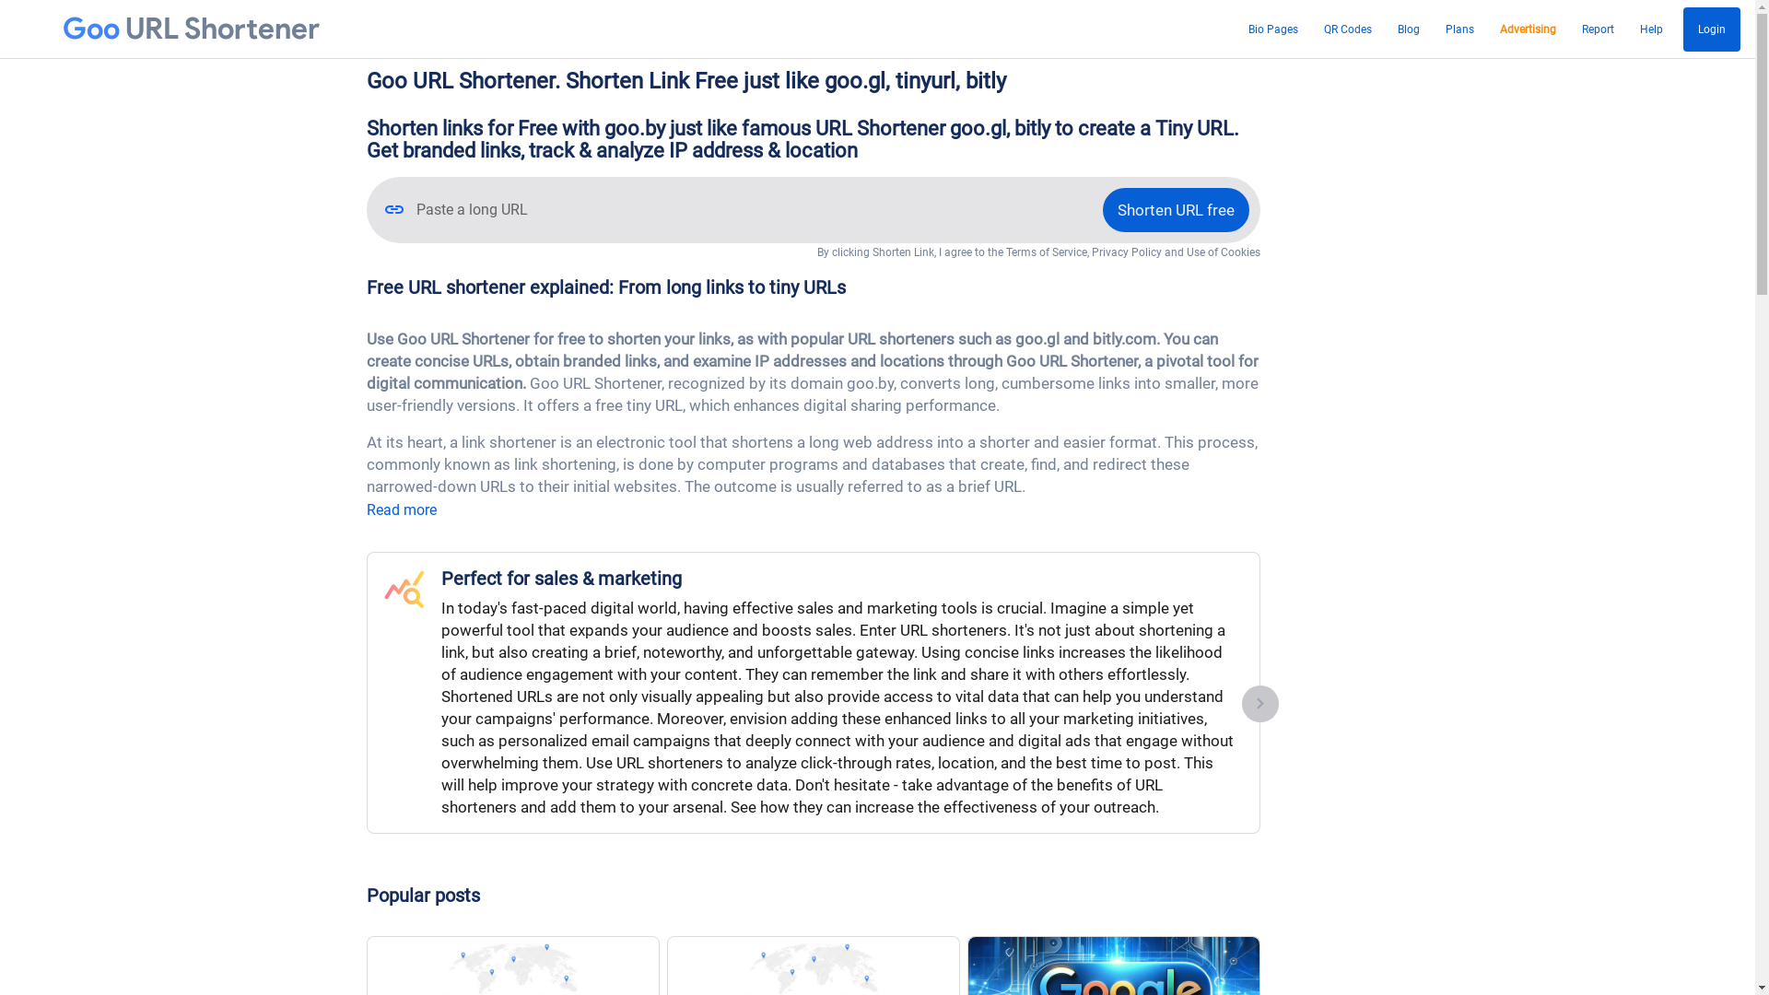 Image resolution: width=1769 pixels, height=995 pixels. What do you see at coordinates (1439, 29) in the screenshot?
I see `'Plans'` at bounding box center [1439, 29].